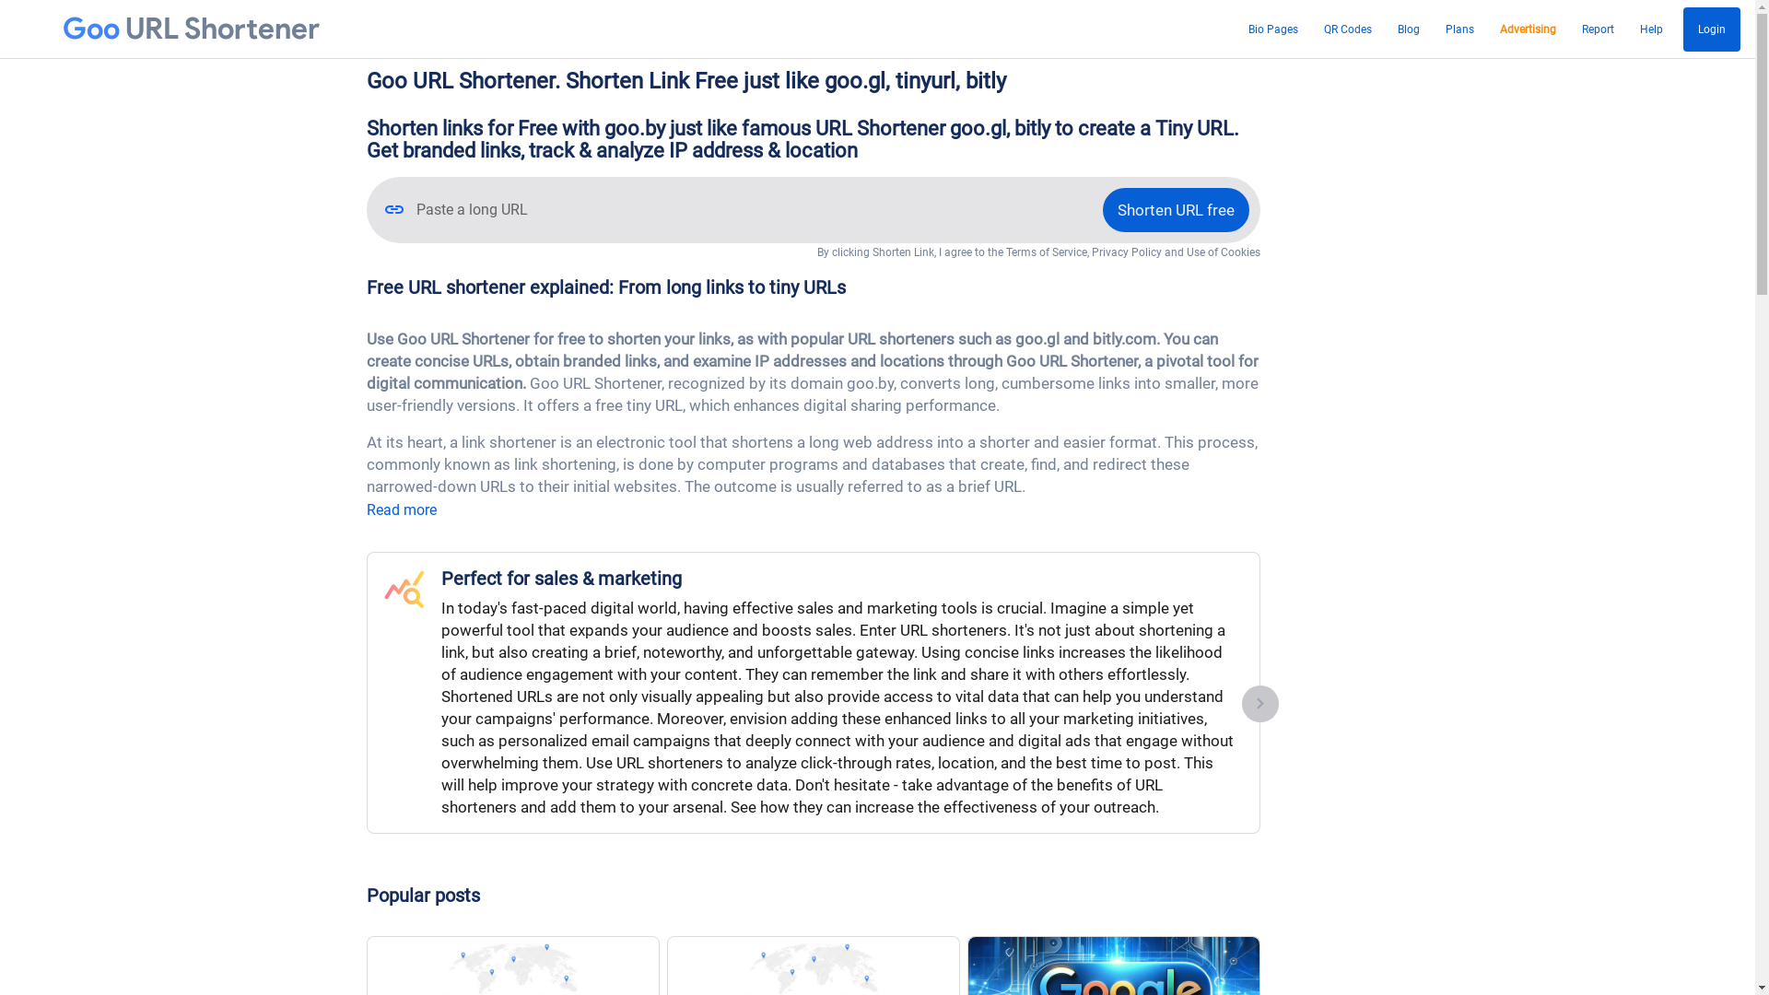 Image resolution: width=1769 pixels, height=995 pixels. What do you see at coordinates (1439, 29) in the screenshot?
I see `'Plans'` at bounding box center [1439, 29].